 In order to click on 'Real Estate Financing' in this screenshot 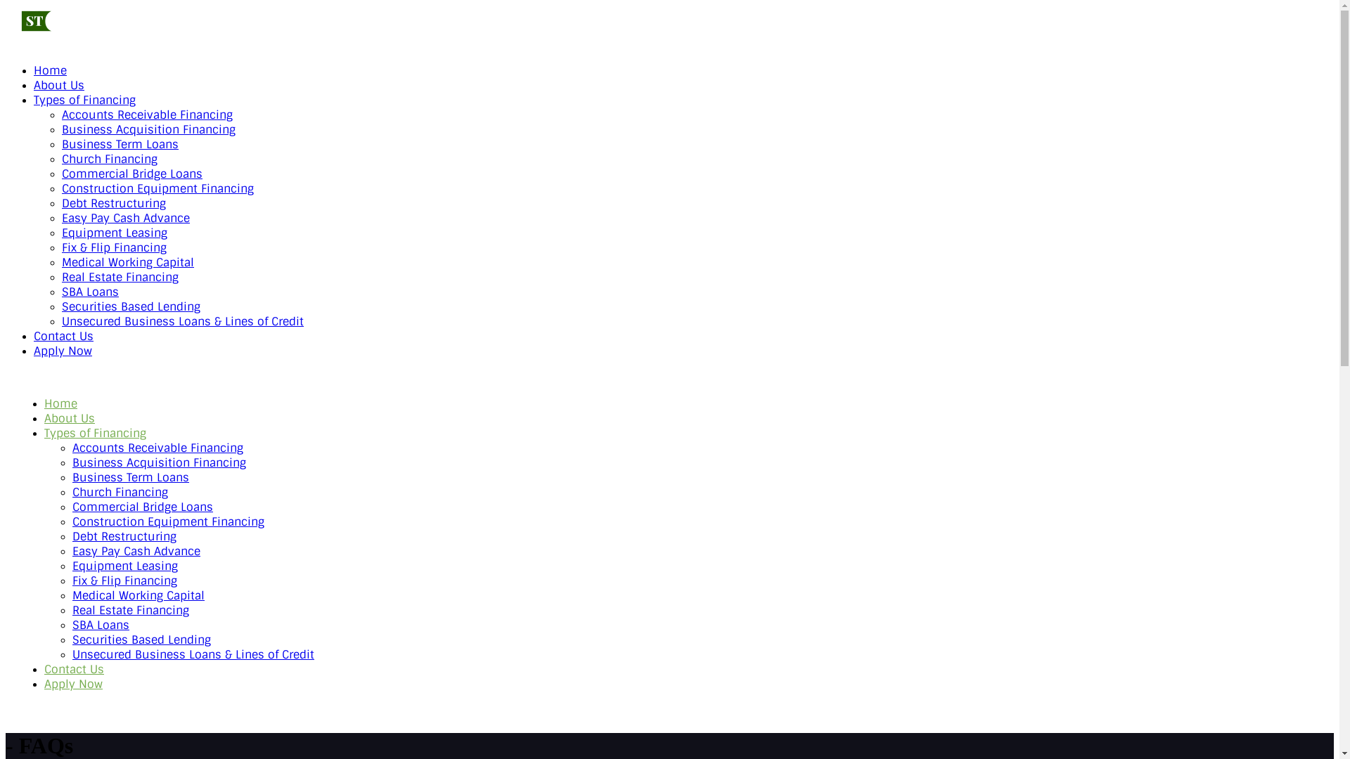, I will do `click(71, 609)`.